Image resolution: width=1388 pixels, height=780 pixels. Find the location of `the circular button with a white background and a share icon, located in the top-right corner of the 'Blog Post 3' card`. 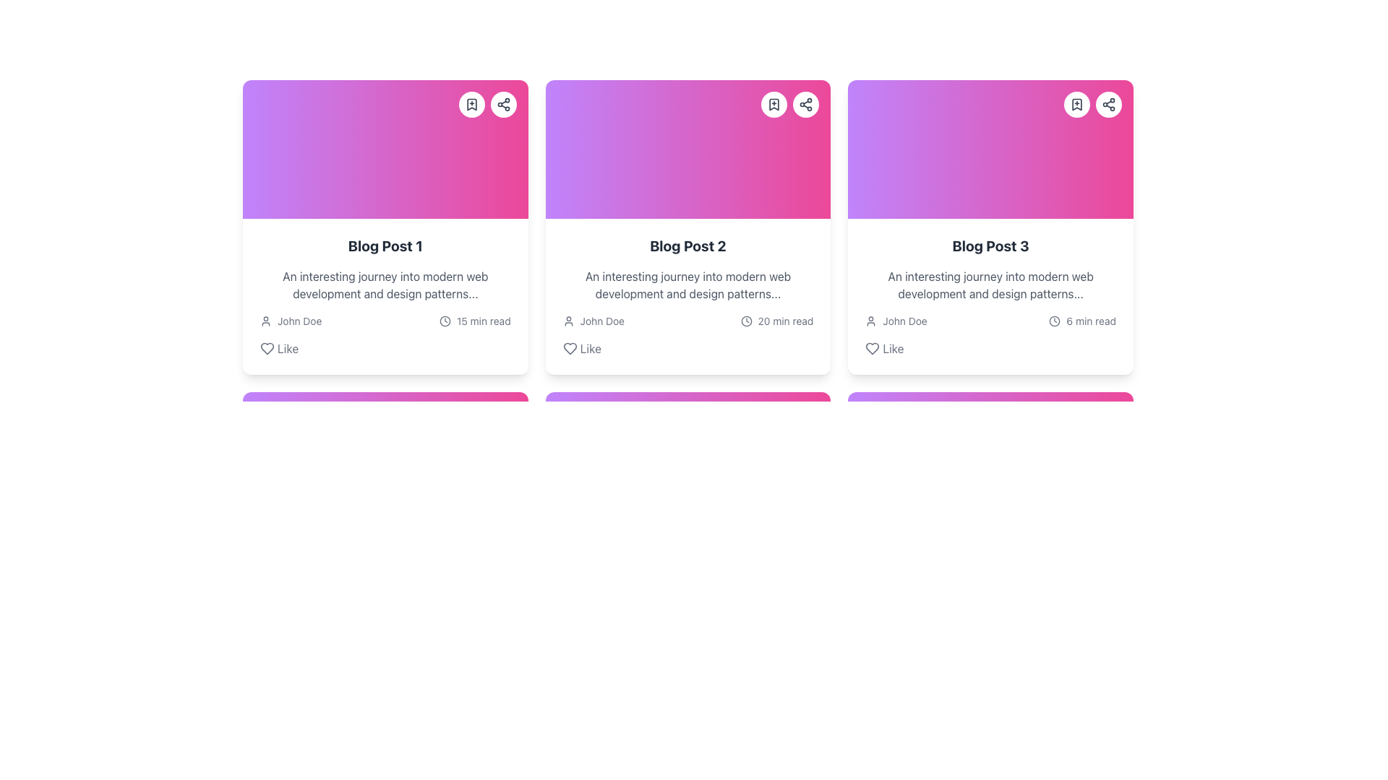

the circular button with a white background and a share icon, located in the top-right corner of the 'Blog Post 3' card is located at coordinates (1108, 104).